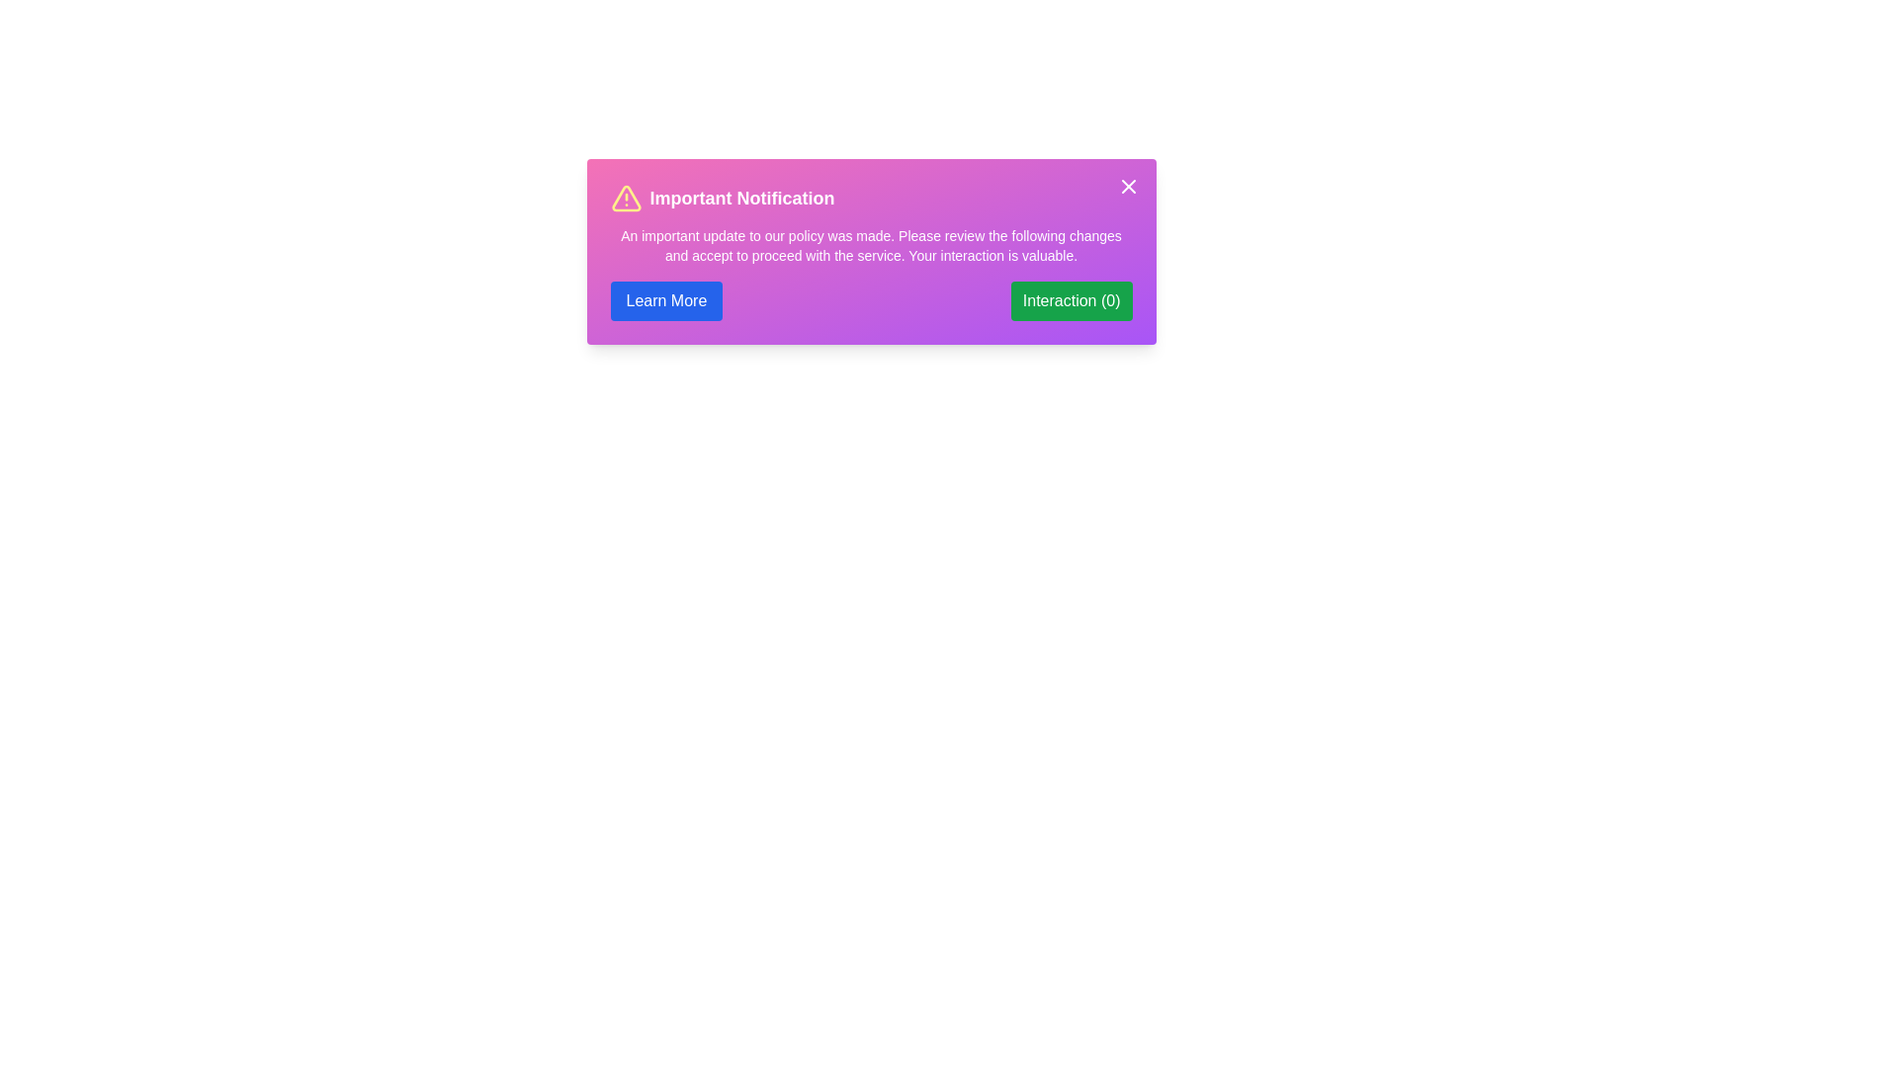 The width and height of the screenshot is (1898, 1067). What do you see at coordinates (1128, 187) in the screenshot?
I see `the close button in the top-right corner of the alert` at bounding box center [1128, 187].